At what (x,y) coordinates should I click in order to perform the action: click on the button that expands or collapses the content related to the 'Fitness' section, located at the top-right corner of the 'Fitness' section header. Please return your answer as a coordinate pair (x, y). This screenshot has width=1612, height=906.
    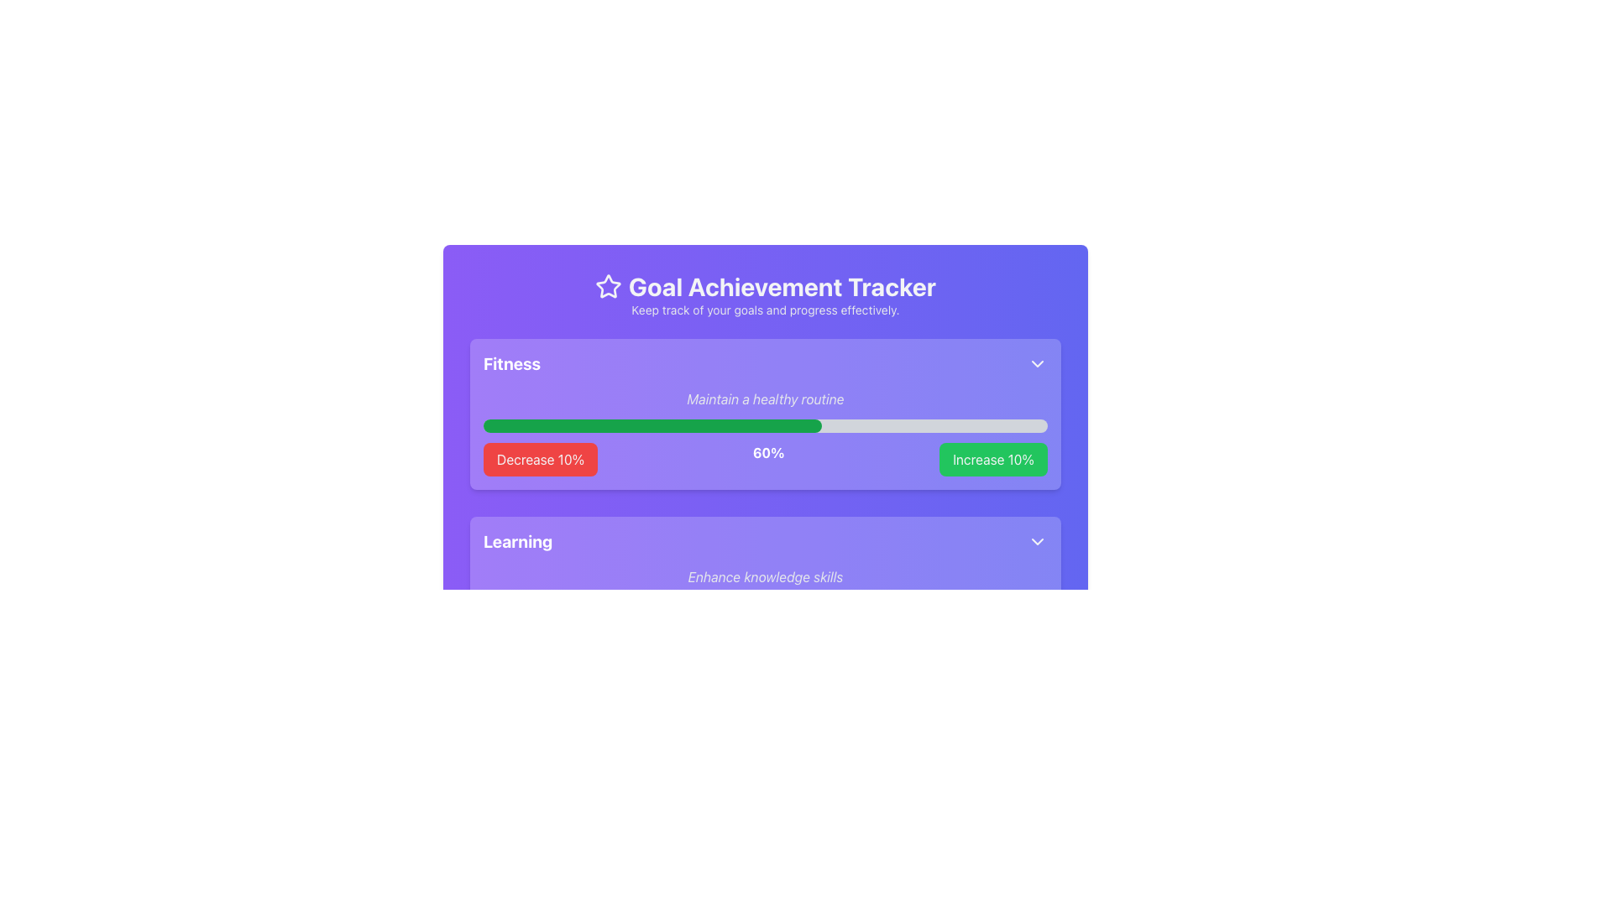
    Looking at the image, I should click on (1037, 363).